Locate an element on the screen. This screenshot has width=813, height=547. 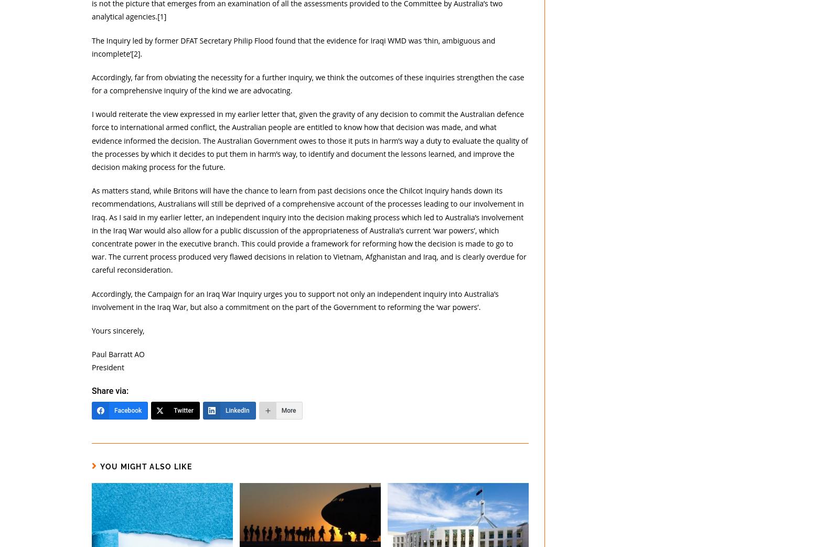
'You Might Also Like' is located at coordinates (146, 466).